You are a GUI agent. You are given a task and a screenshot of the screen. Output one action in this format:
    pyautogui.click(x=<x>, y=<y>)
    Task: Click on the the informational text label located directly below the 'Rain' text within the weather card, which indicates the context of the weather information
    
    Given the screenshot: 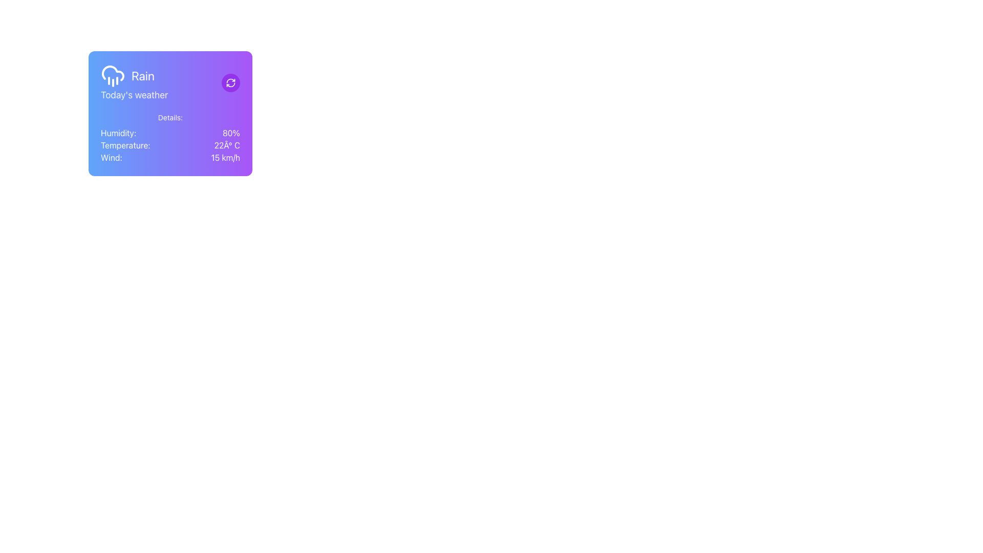 What is the action you would take?
    pyautogui.click(x=134, y=95)
    